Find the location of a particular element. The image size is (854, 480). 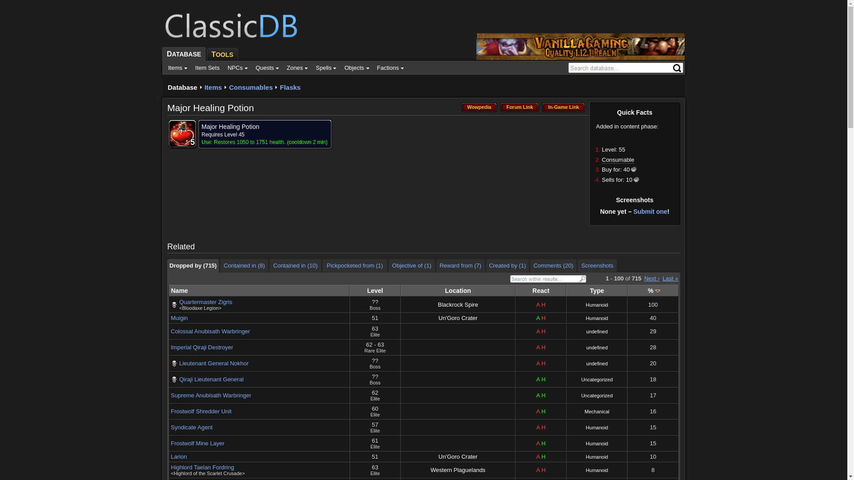

'Larion' is located at coordinates (178, 456).